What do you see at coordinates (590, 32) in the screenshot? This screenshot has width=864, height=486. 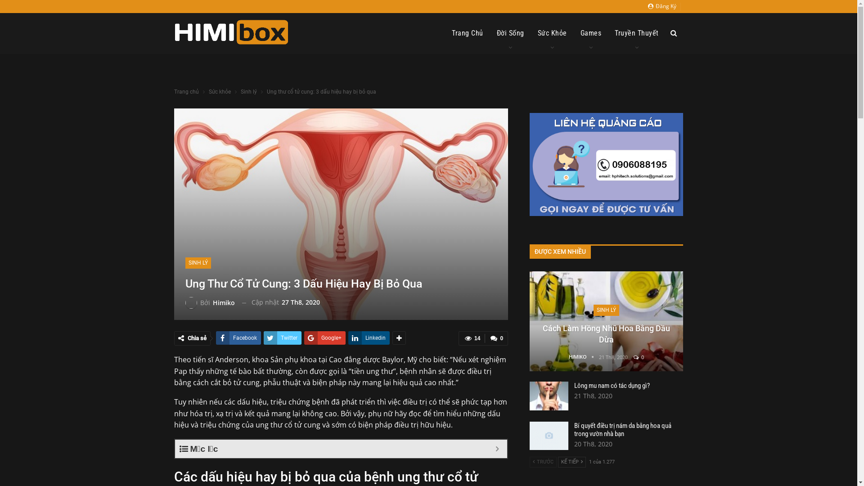 I see `'Games'` at bounding box center [590, 32].